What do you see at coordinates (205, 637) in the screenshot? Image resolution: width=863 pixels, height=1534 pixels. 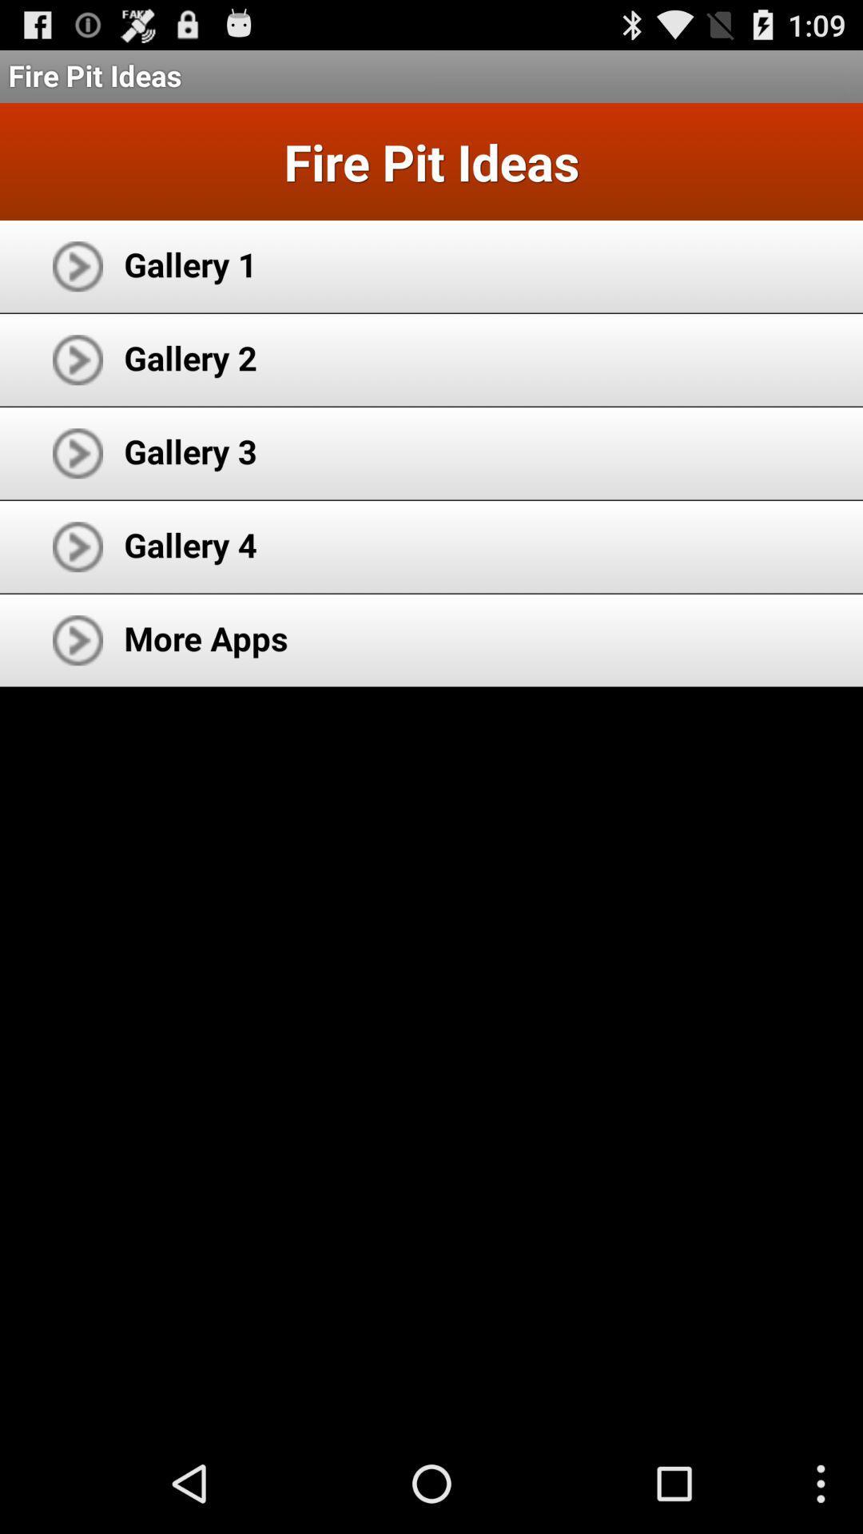 I see `more apps item` at bounding box center [205, 637].